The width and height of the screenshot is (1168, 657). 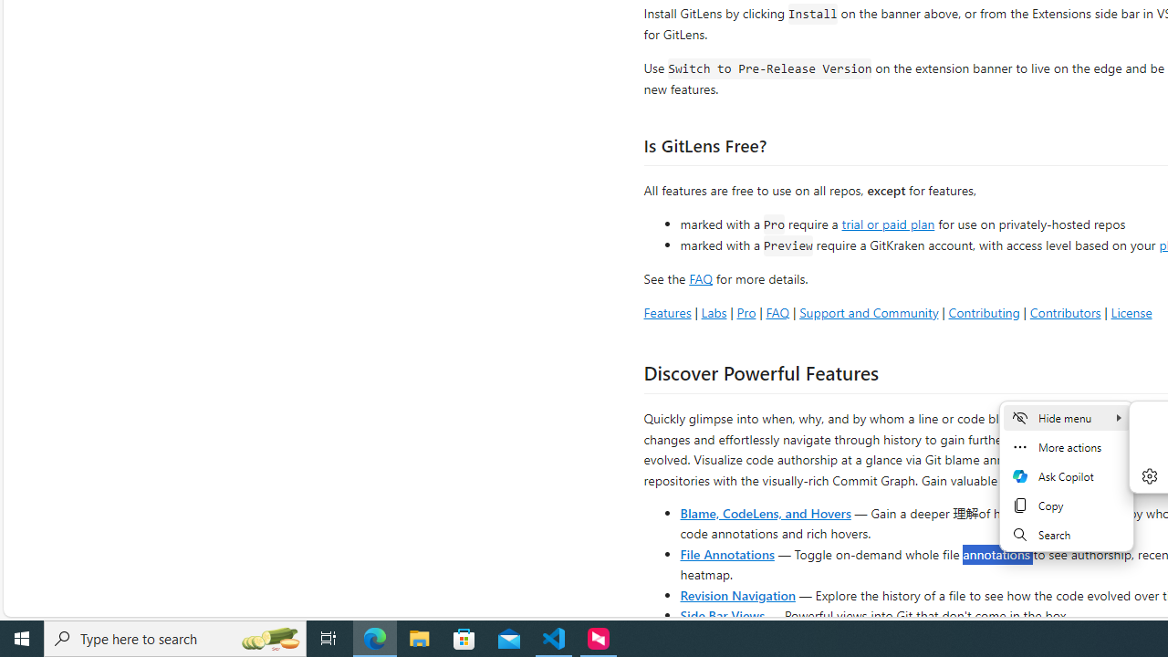 I want to click on 'Hide menu', so click(x=1066, y=417).